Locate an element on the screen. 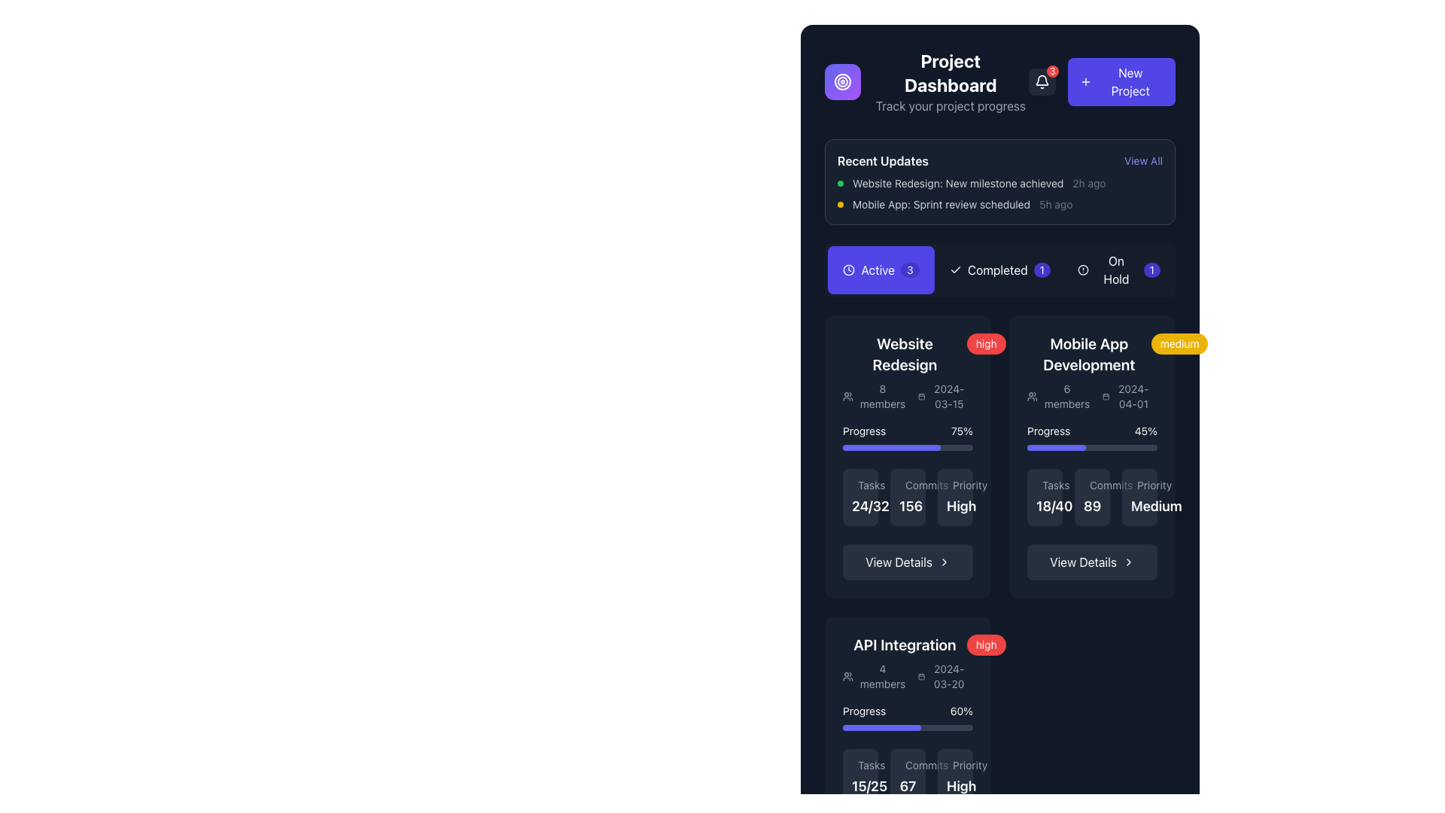 The image size is (1445, 813). progress bar is located at coordinates (955, 727).